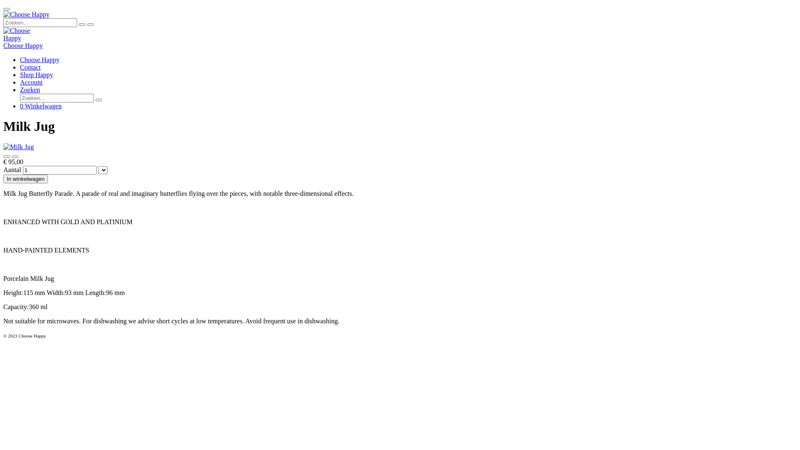 The image size is (800, 450). I want to click on 'HAND-PAINTED ELEMENTS', so click(45, 250).